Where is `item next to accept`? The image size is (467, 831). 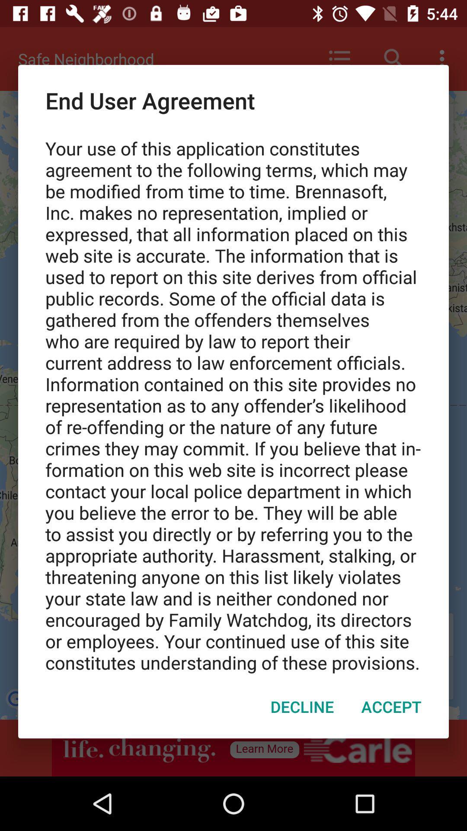
item next to accept is located at coordinates (301, 706).